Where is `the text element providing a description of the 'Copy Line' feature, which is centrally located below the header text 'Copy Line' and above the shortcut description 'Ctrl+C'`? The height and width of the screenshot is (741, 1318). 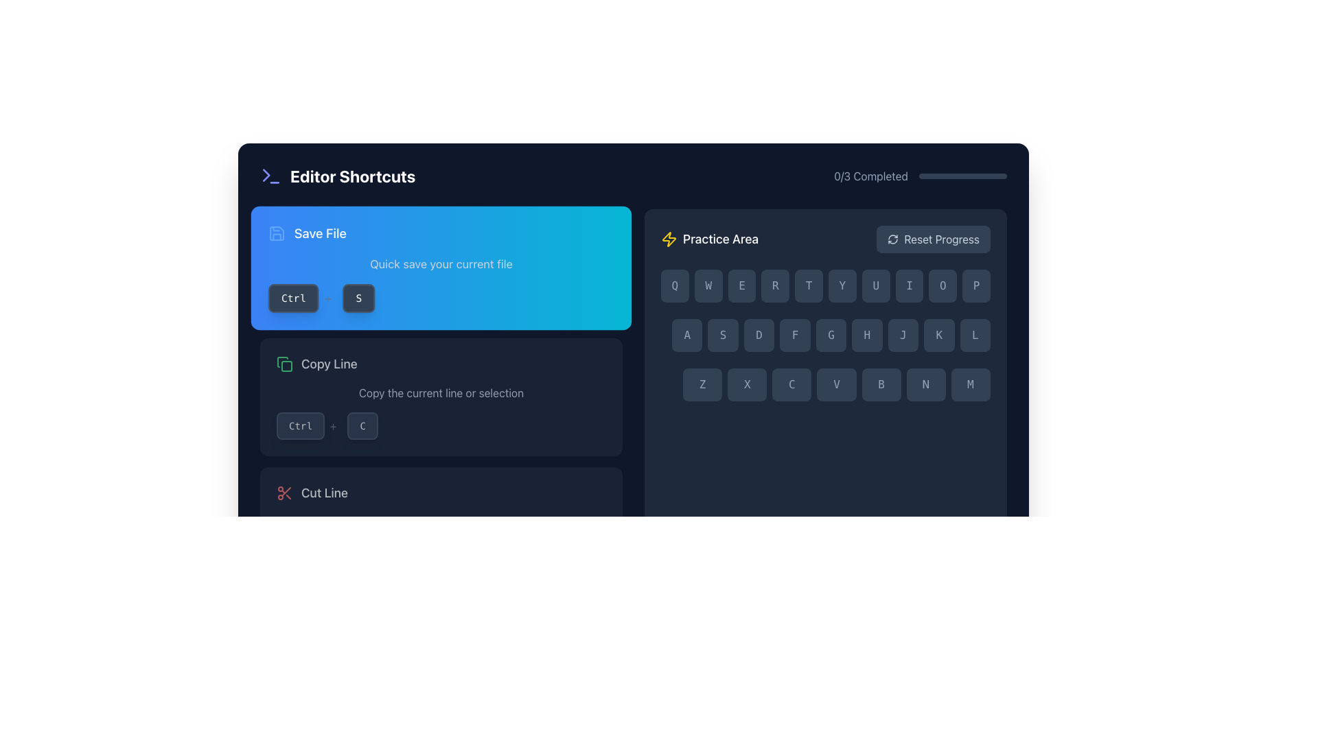
the text element providing a description of the 'Copy Line' feature, which is centrally located below the header text 'Copy Line' and above the shortcut description 'Ctrl+C' is located at coordinates (441, 393).